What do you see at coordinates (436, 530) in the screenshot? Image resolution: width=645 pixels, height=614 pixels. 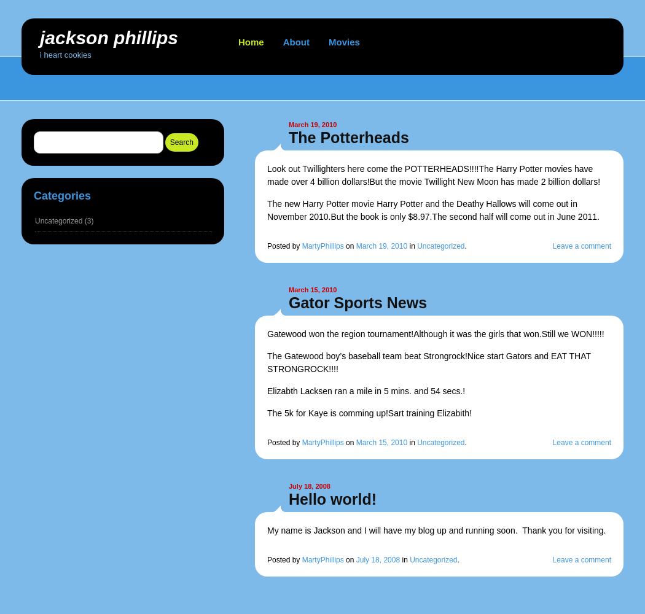 I see `'My name is Jackson and I will have my blog up and running soon.  Thank you for visiting.'` at bounding box center [436, 530].